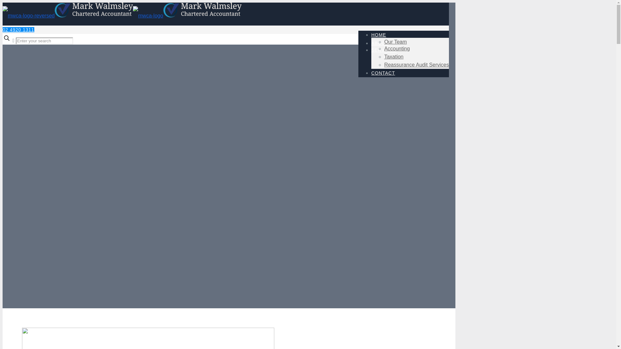 Image resolution: width=621 pixels, height=349 pixels. What do you see at coordinates (397, 48) in the screenshot?
I see `'Accounting'` at bounding box center [397, 48].